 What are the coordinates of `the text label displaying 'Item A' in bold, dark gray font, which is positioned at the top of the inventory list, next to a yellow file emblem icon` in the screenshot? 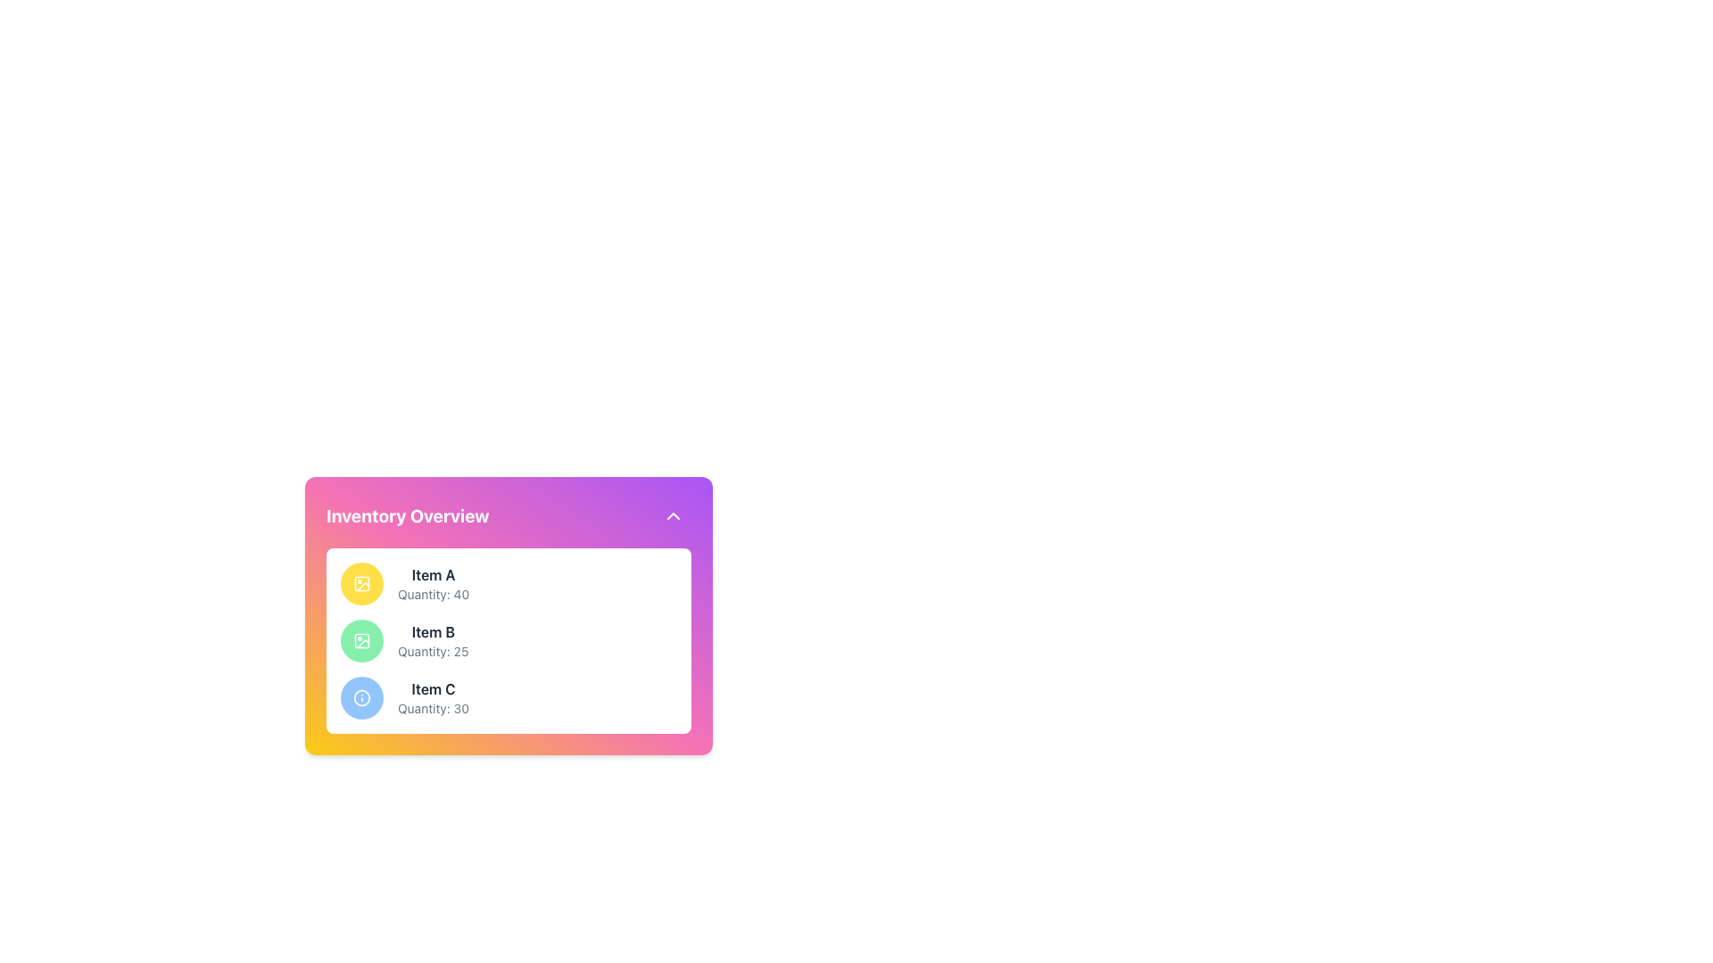 It's located at (434, 574).